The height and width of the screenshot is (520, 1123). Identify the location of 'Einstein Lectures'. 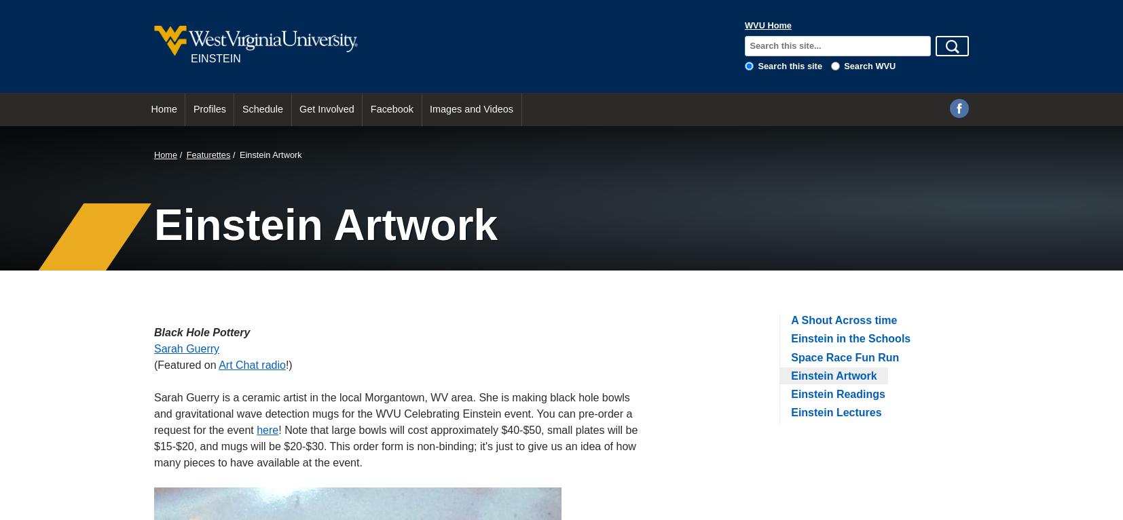
(835, 412).